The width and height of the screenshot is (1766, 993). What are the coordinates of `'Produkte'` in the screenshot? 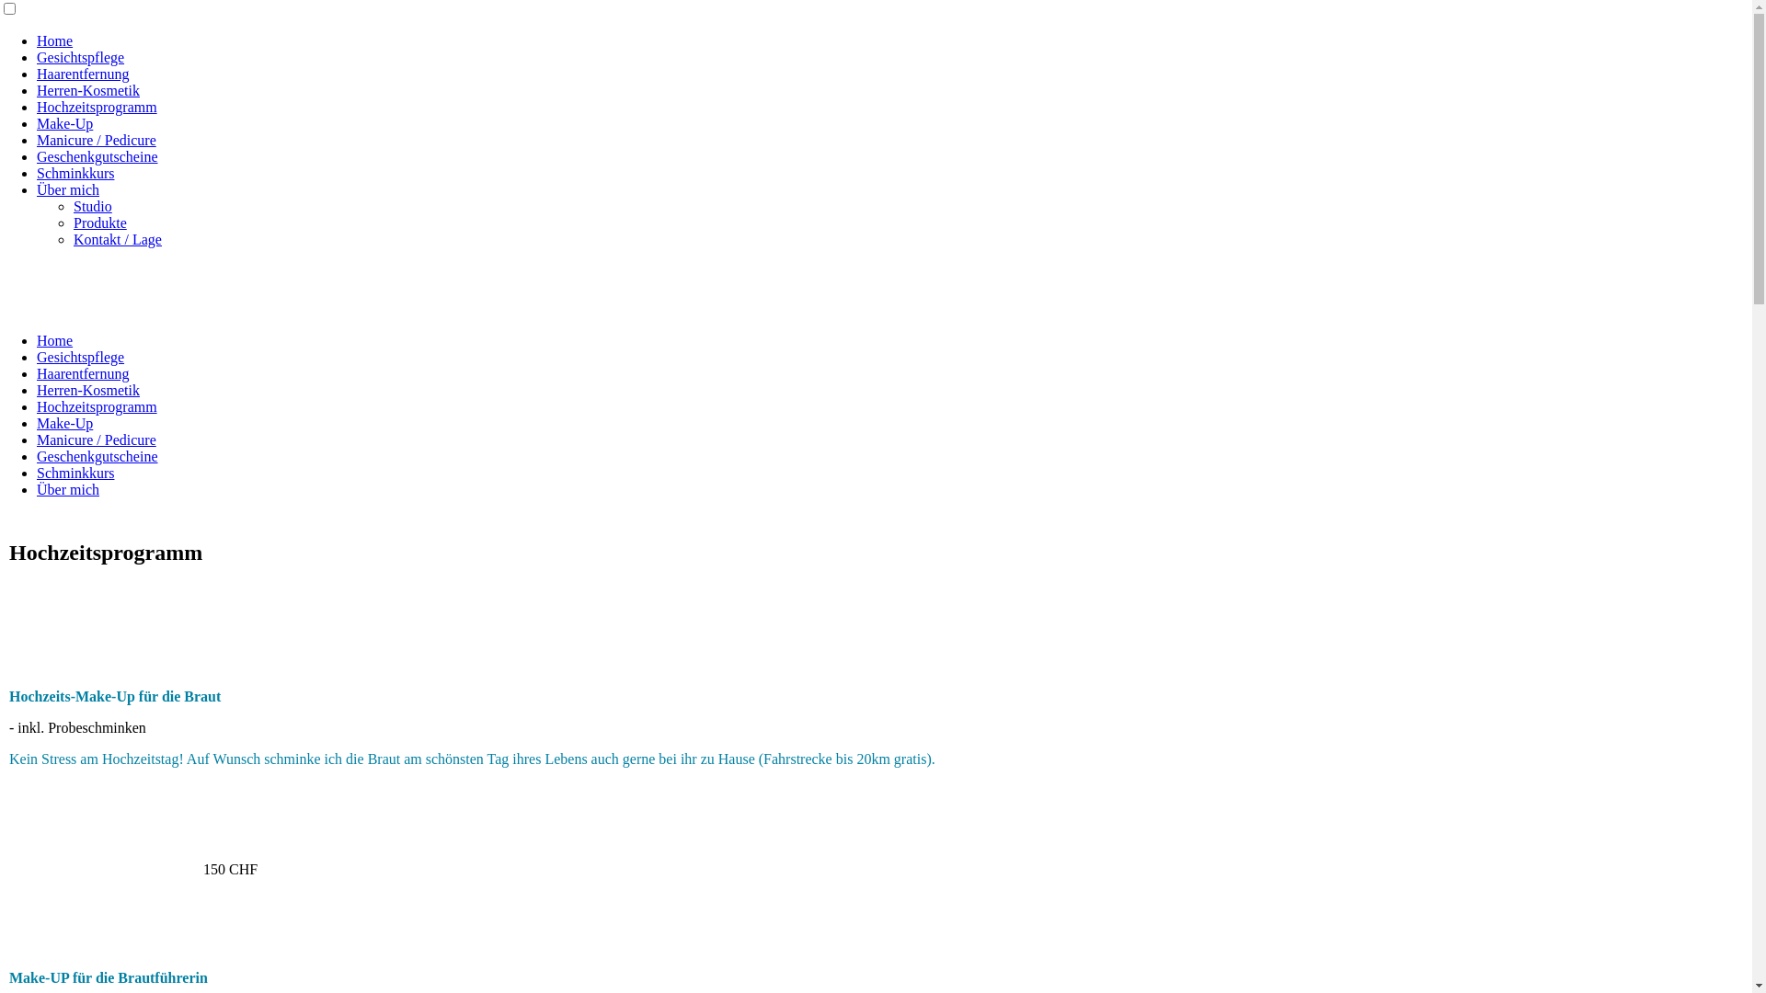 It's located at (99, 222).